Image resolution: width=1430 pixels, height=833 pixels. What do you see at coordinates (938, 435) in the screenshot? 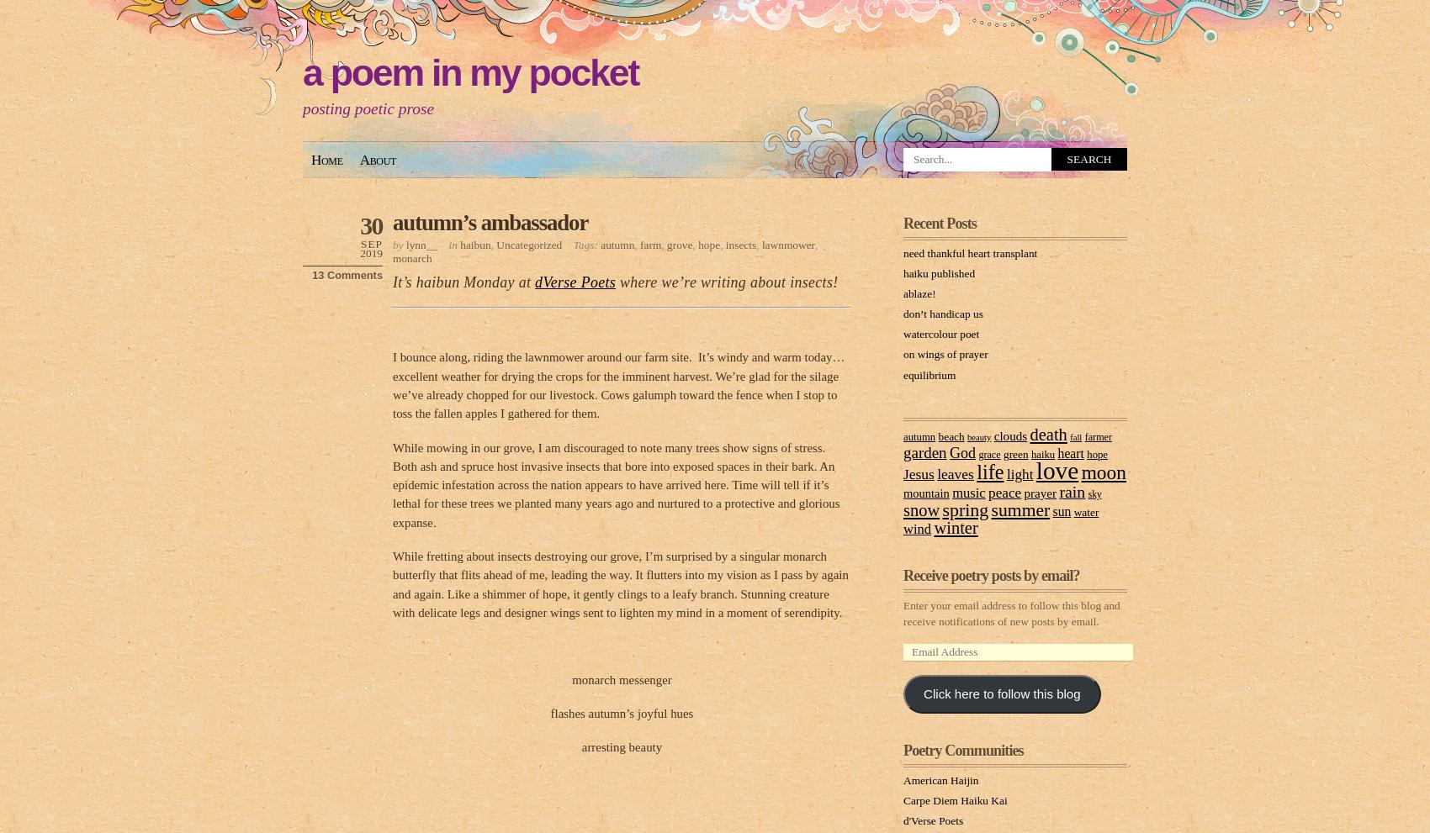
I see `'beach'` at bounding box center [938, 435].